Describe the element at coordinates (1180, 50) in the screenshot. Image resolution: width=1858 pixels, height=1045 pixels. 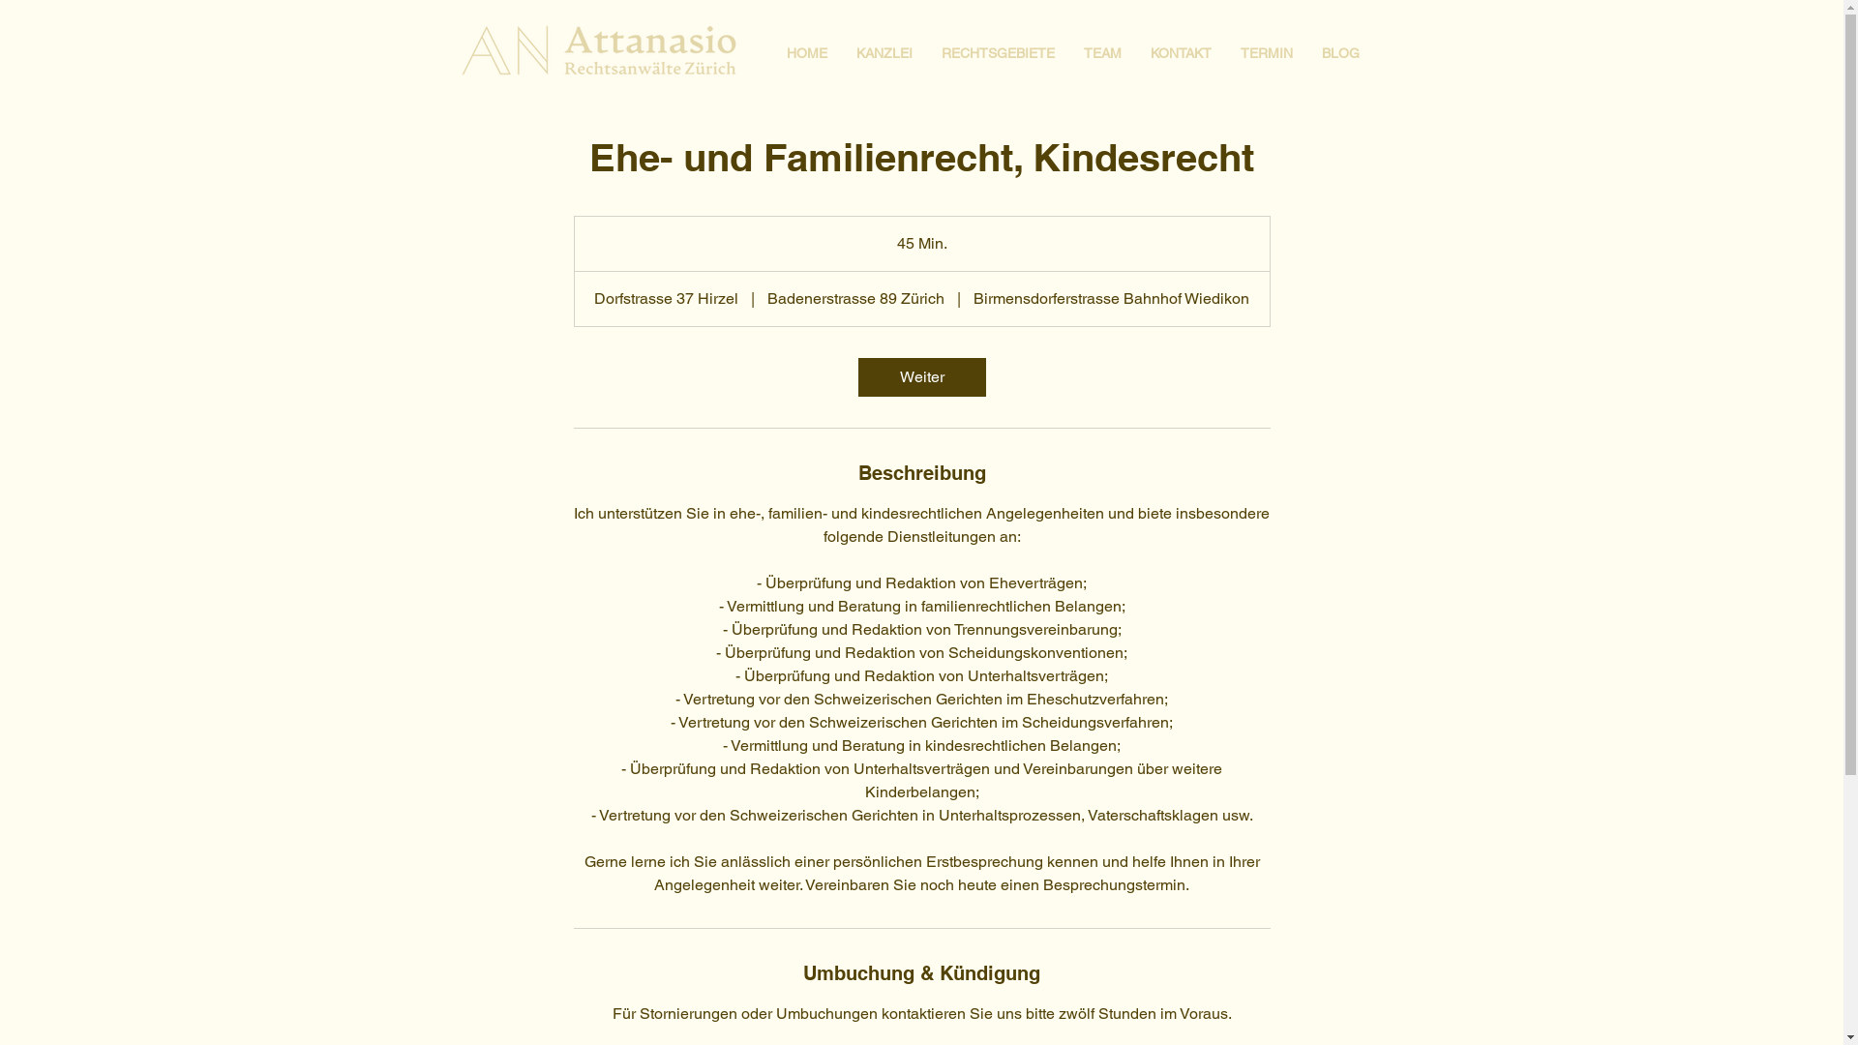
I see `'KONTAKT'` at that location.